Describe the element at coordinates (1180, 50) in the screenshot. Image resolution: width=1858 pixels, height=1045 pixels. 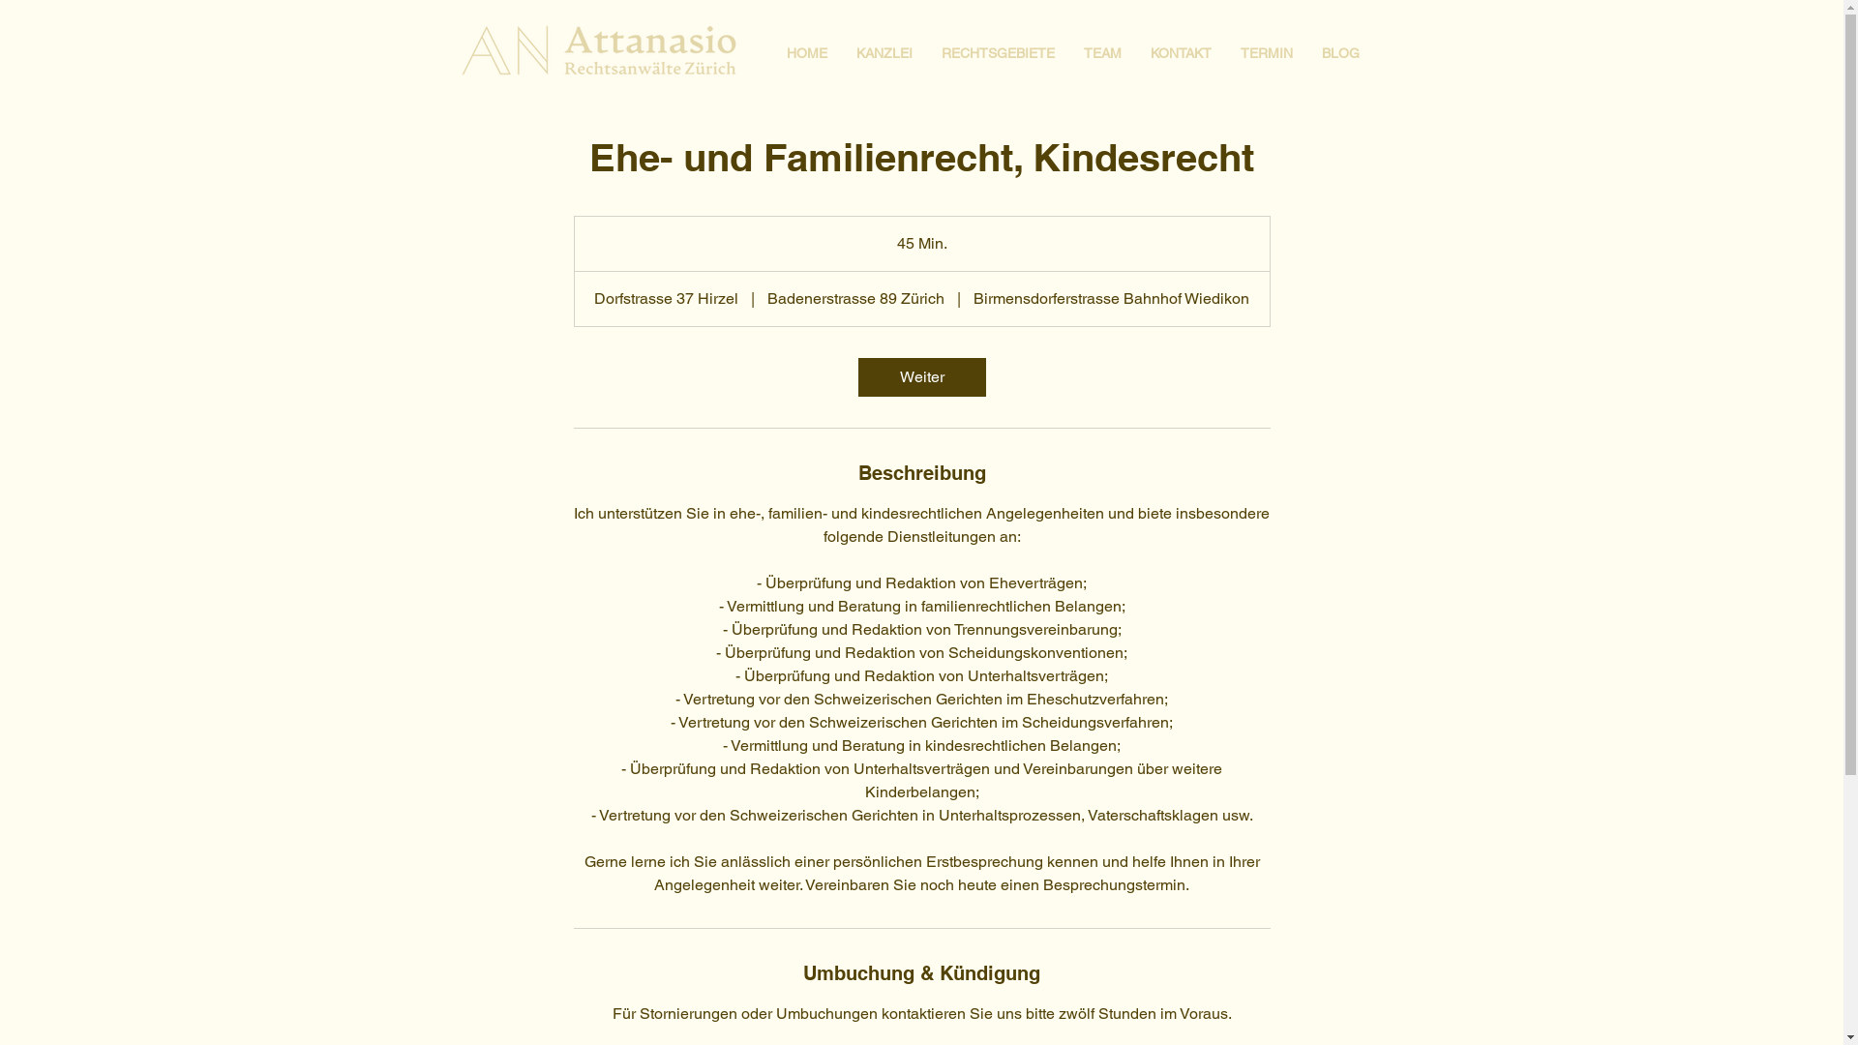
I see `'KONTAKT'` at that location.